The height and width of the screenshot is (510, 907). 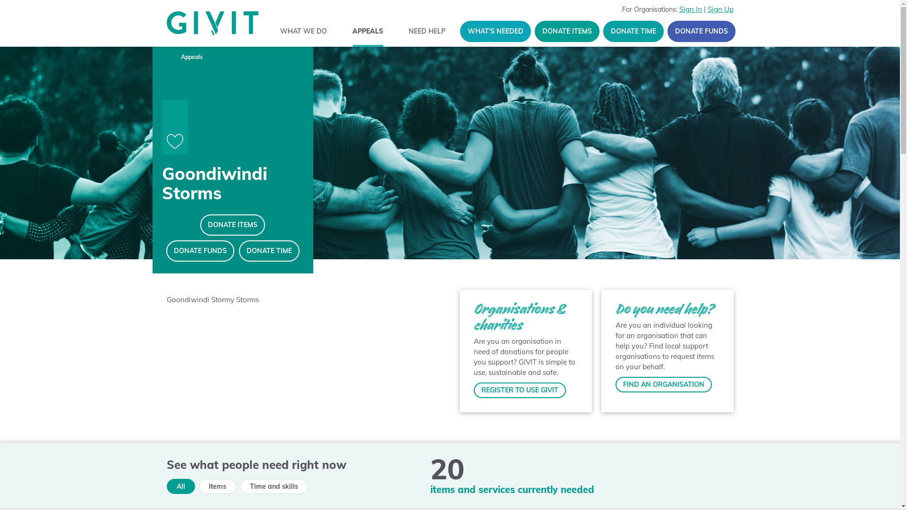 I want to click on 'FIND AN ORGANISATION', so click(x=662, y=384).